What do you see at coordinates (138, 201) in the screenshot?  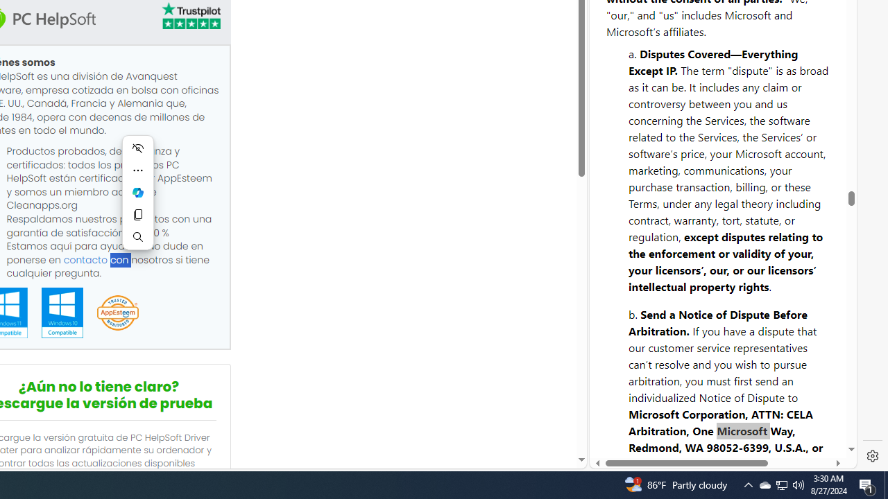 I see `'Mini menu on text selection'` at bounding box center [138, 201].